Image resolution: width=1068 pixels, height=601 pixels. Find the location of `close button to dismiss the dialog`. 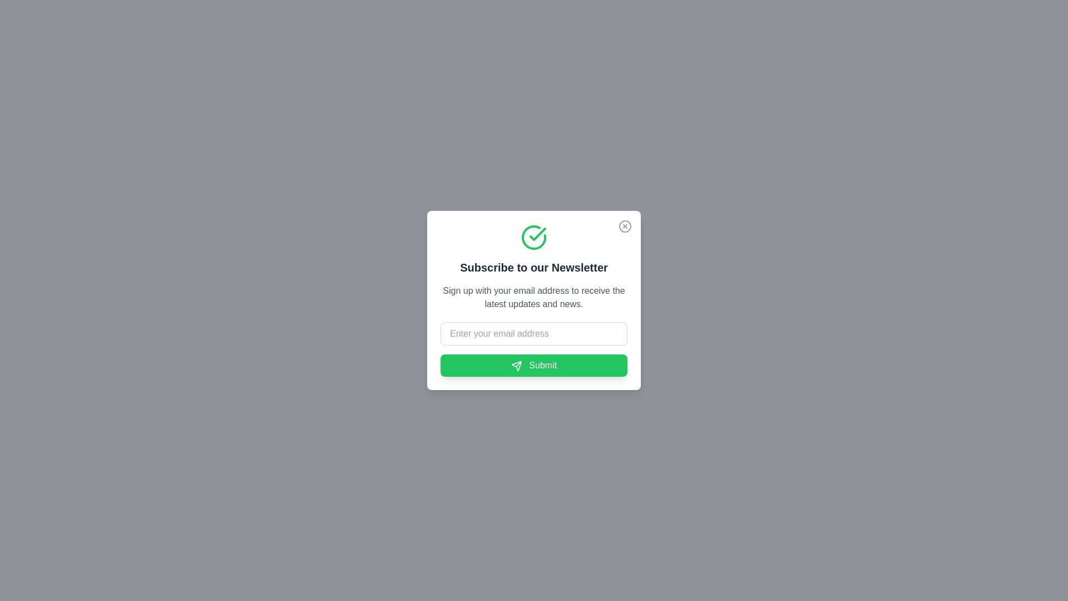

close button to dismiss the dialog is located at coordinates (625, 226).